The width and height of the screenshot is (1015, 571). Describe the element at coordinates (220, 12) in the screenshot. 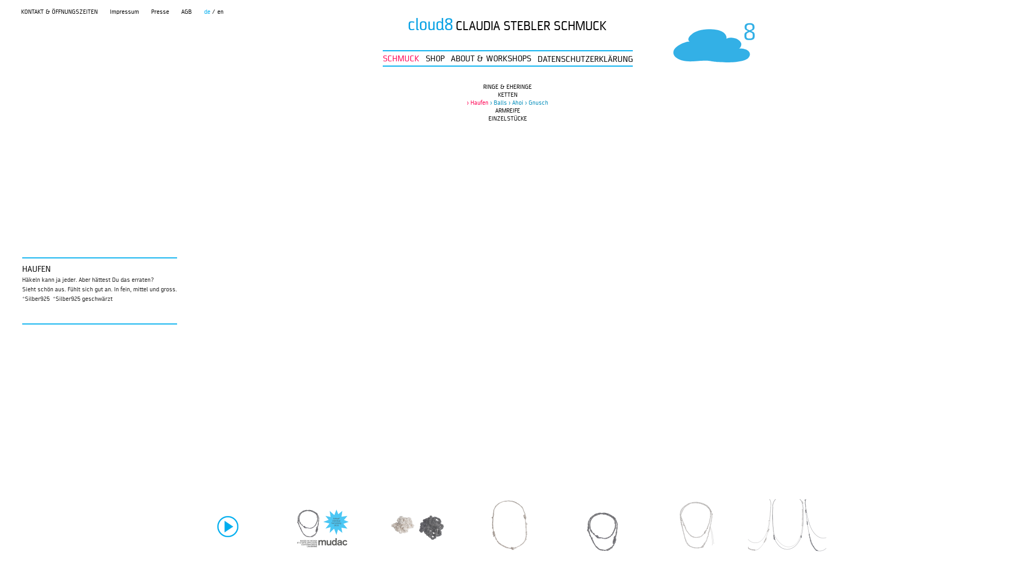

I see `'en'` at that location.